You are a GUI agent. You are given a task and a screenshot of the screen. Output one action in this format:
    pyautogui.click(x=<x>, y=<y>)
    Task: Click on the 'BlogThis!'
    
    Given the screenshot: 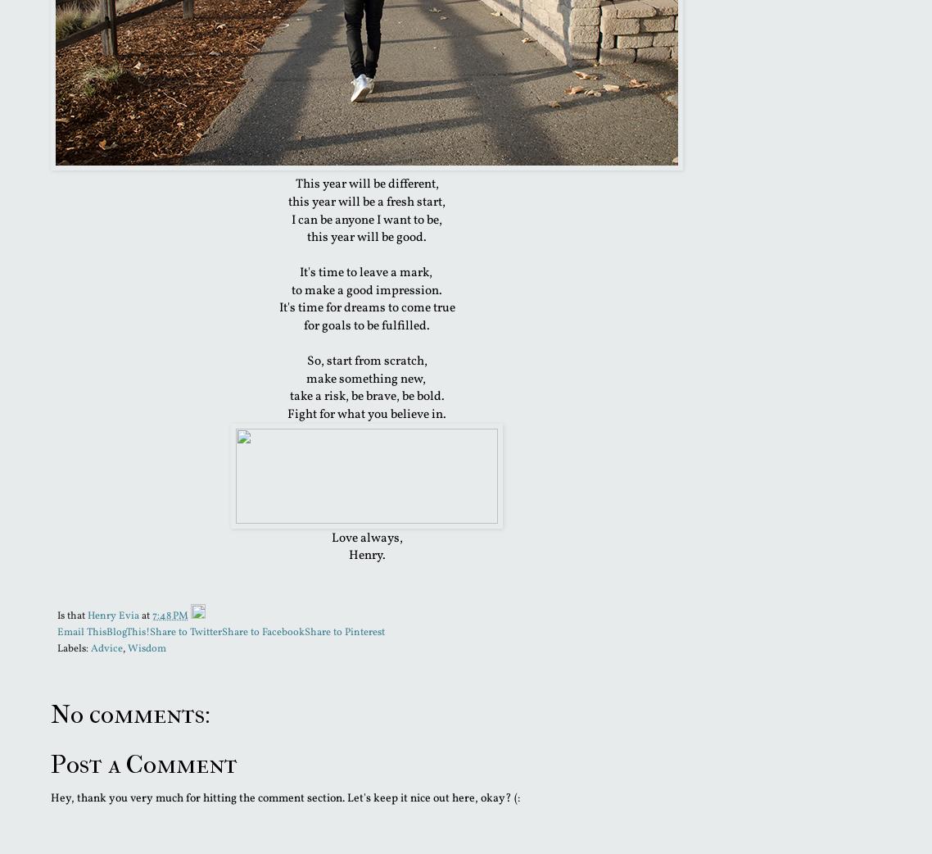 What is the action you would take?
    pyautogui.click(x=128, y=630)
    